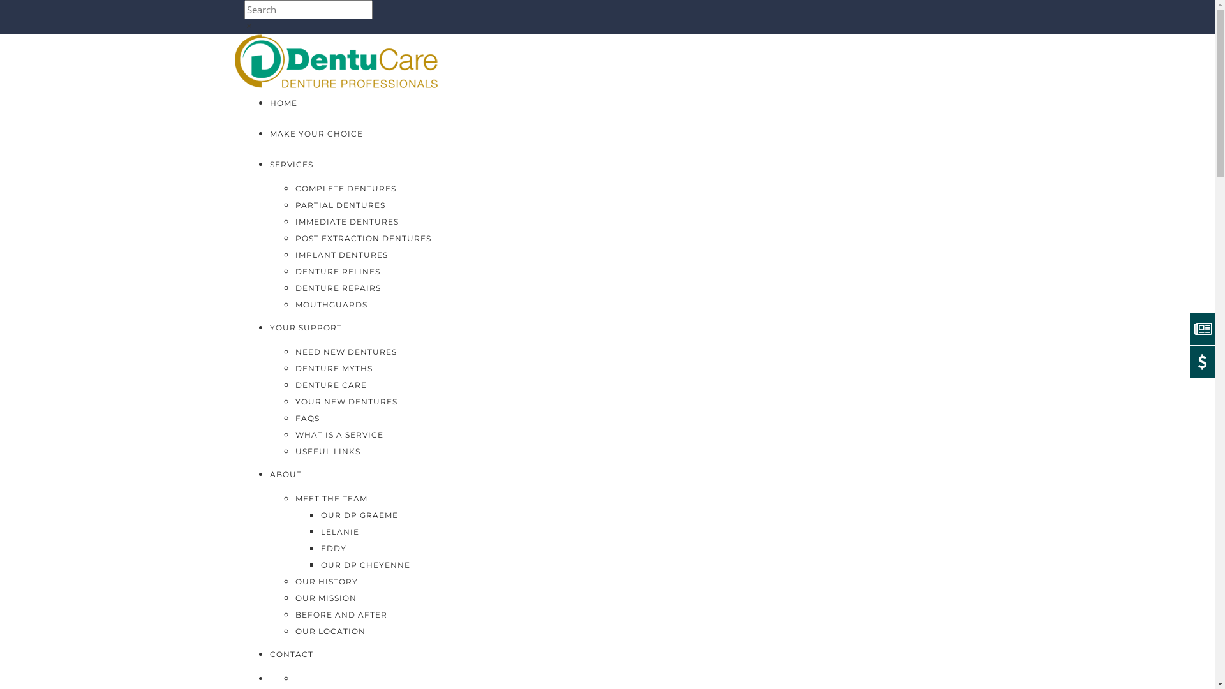 The width and height of the screenshot is (1225, 689). Describe the element at coordinates (282, 102) in the screenshot. I see `'HOME'` at that location.